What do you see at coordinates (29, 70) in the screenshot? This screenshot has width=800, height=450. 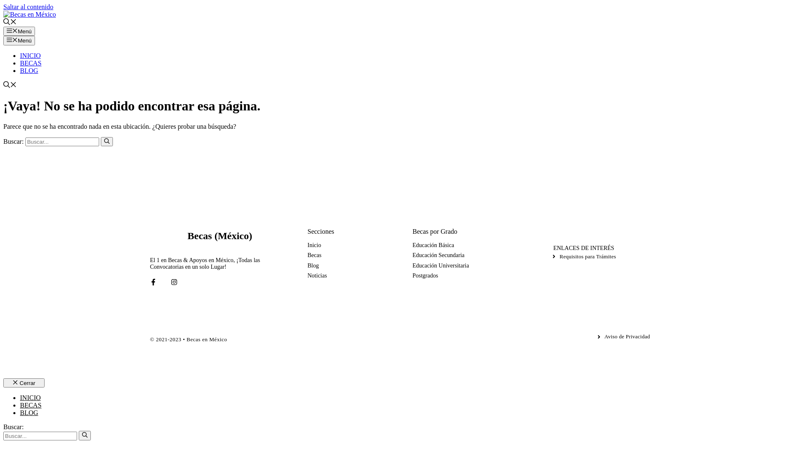 I see `'BLOG'` at bounding box center [29, 70].